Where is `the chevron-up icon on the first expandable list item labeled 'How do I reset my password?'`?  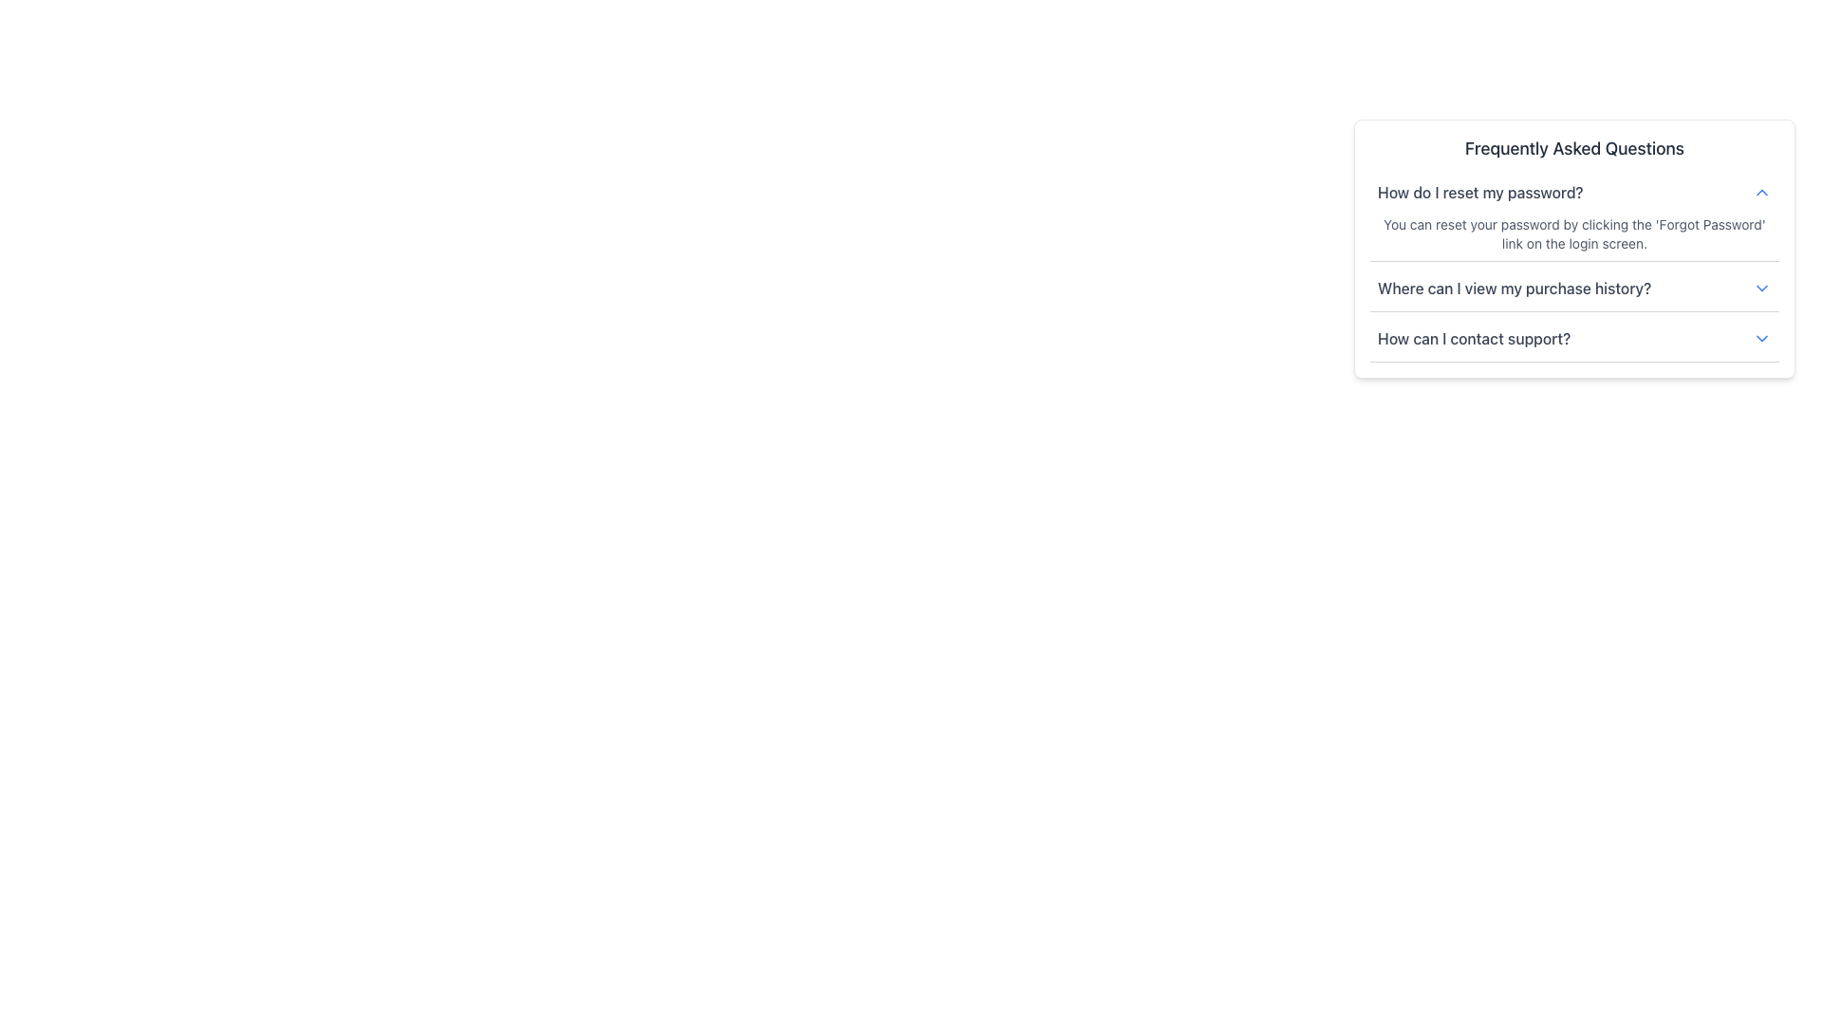 the chevron-up icon on the first expandable list item labeled 'How do I reset my password?' is located at coordinates (1574, 193).